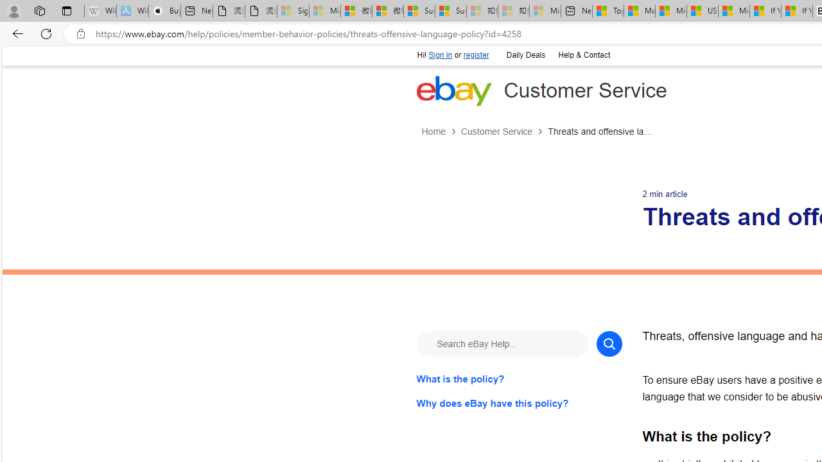  What do you see at coordinates (164, 11) in the screenshot?
I see `'Buy iPad - Apple'` at bounding box center [164, 11].